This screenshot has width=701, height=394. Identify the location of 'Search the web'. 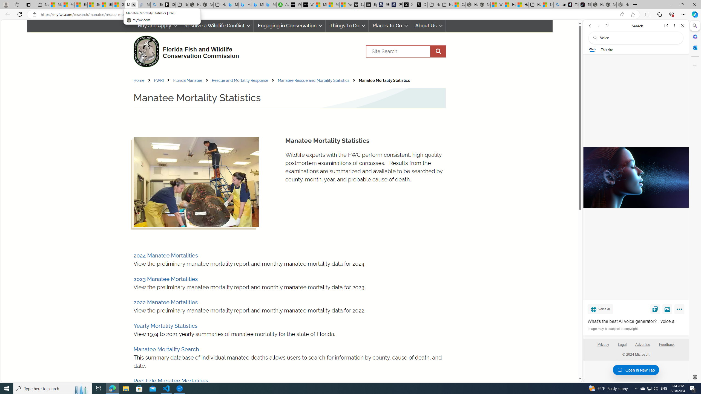
(638, 37).